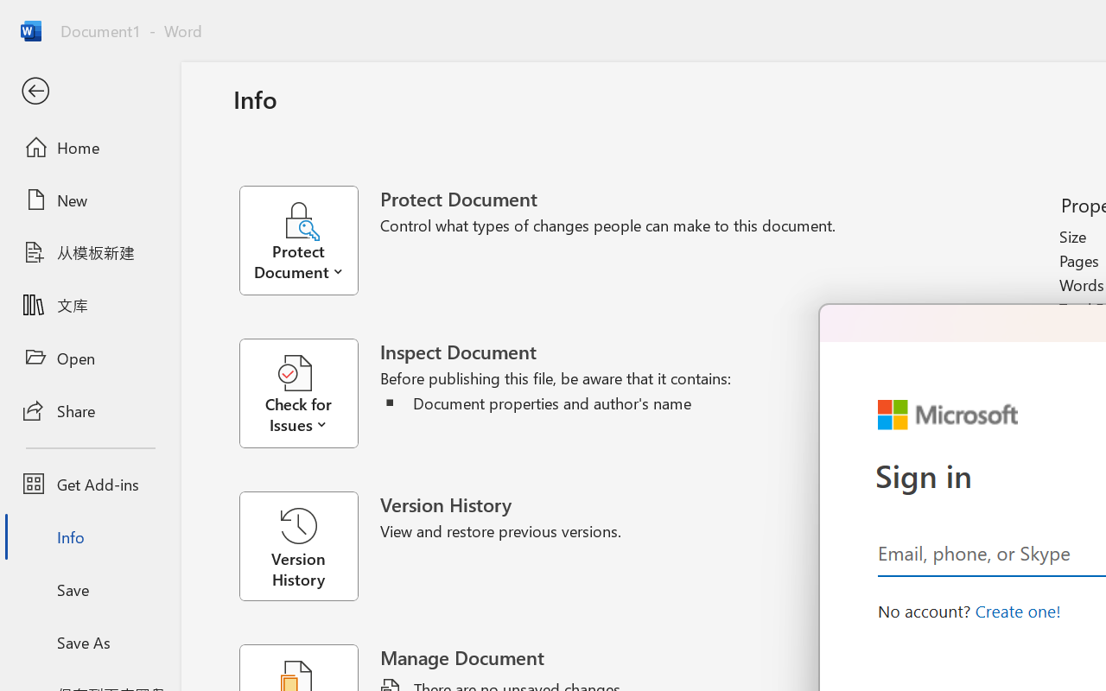 The height and width of the screenshot is (691, 1106). What do you see at coordinates (89, 91) in the screenshot?
I see `'Back'` at bounding box center [89, 91].